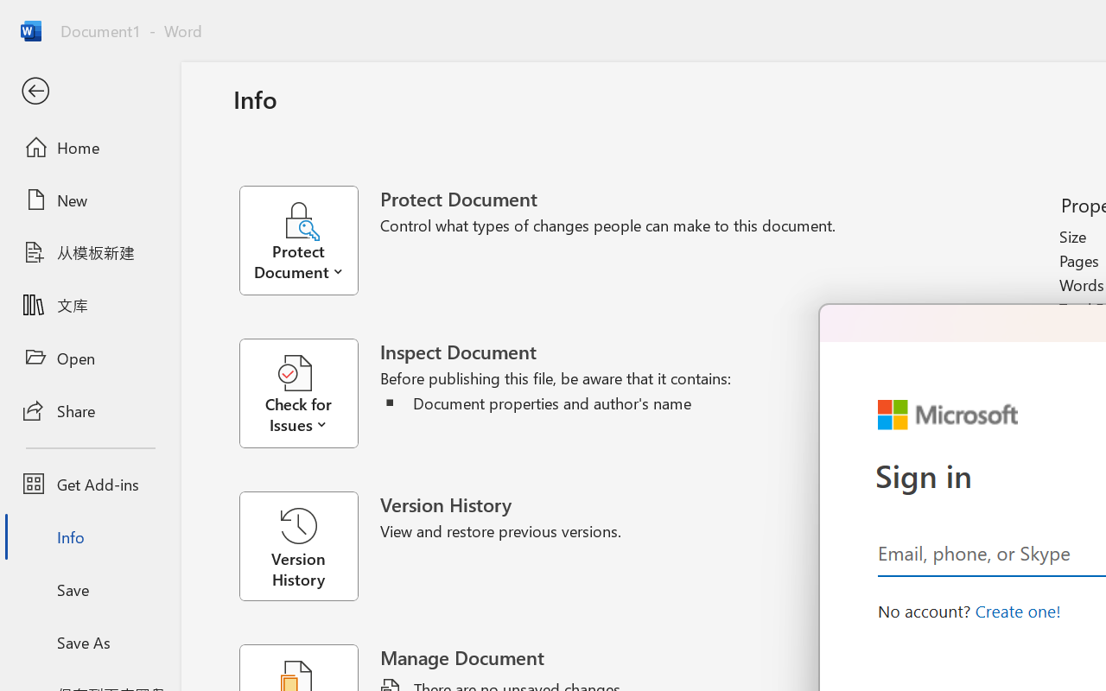 The height and width of the screenshot is (691, 1106). What do you see at coordinates (89, 91) in the screenshot?
I see `'Back'` at bounding box center [89, 91].